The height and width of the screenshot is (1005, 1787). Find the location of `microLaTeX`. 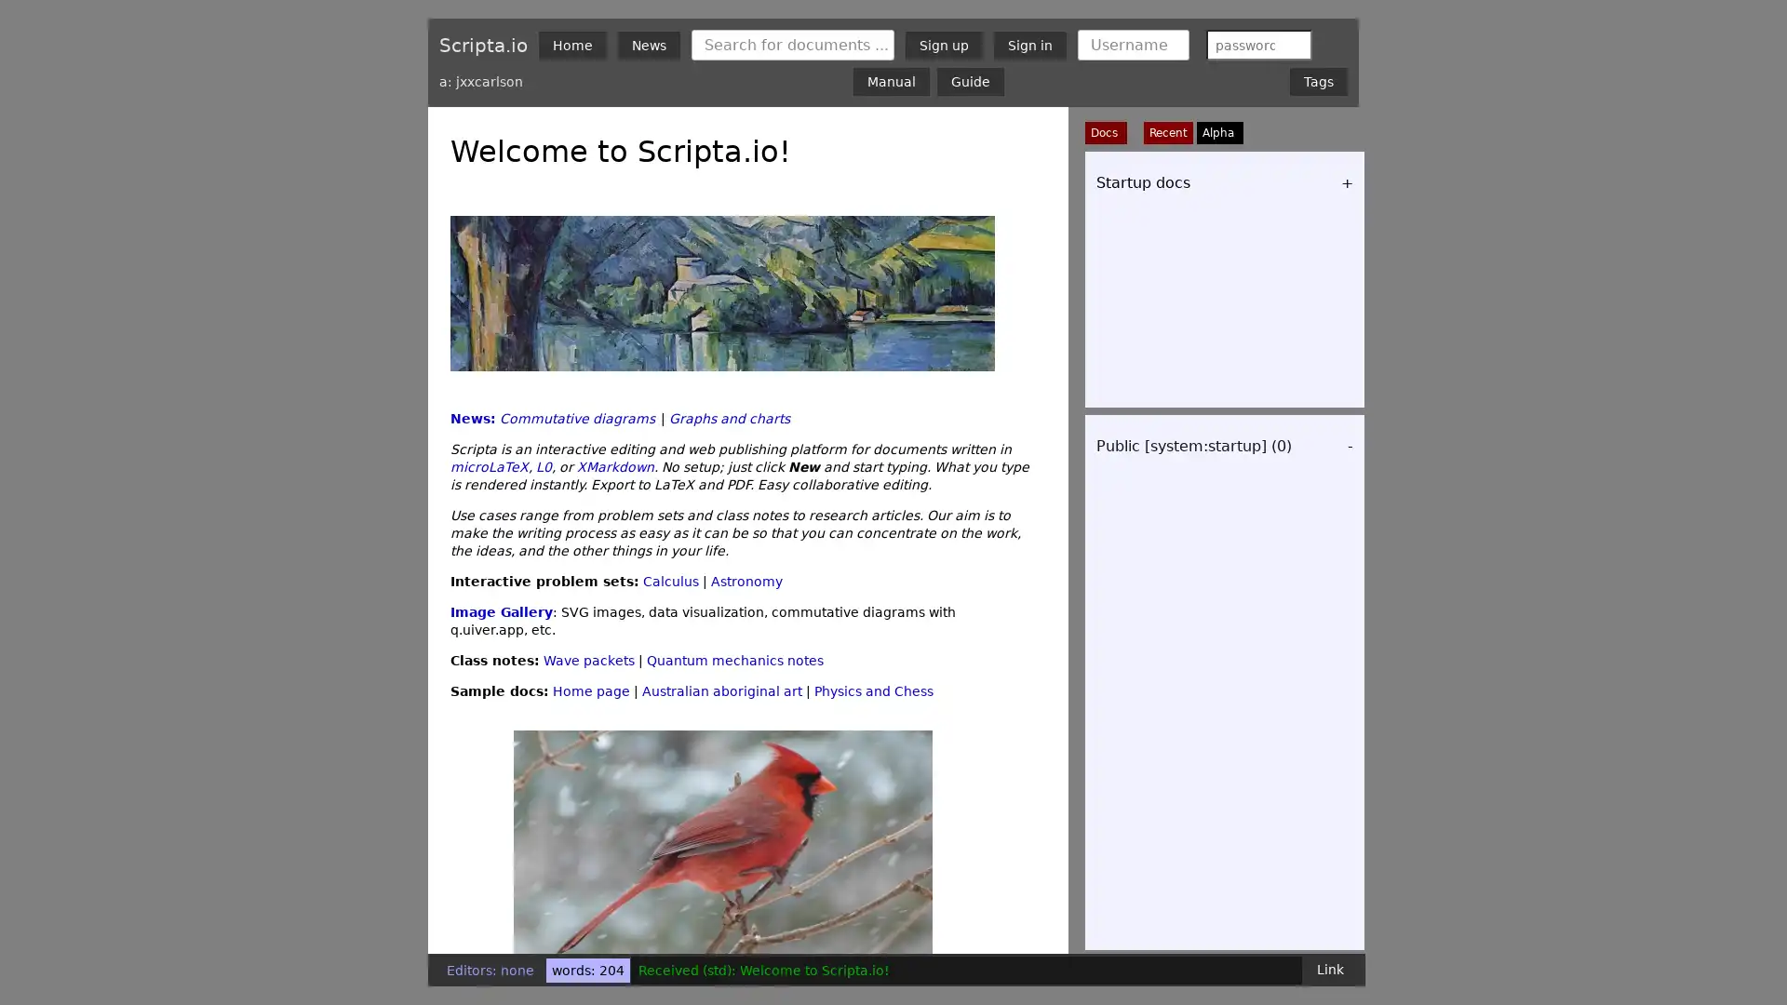

microLaTeX is located at coordinates (490, 465).